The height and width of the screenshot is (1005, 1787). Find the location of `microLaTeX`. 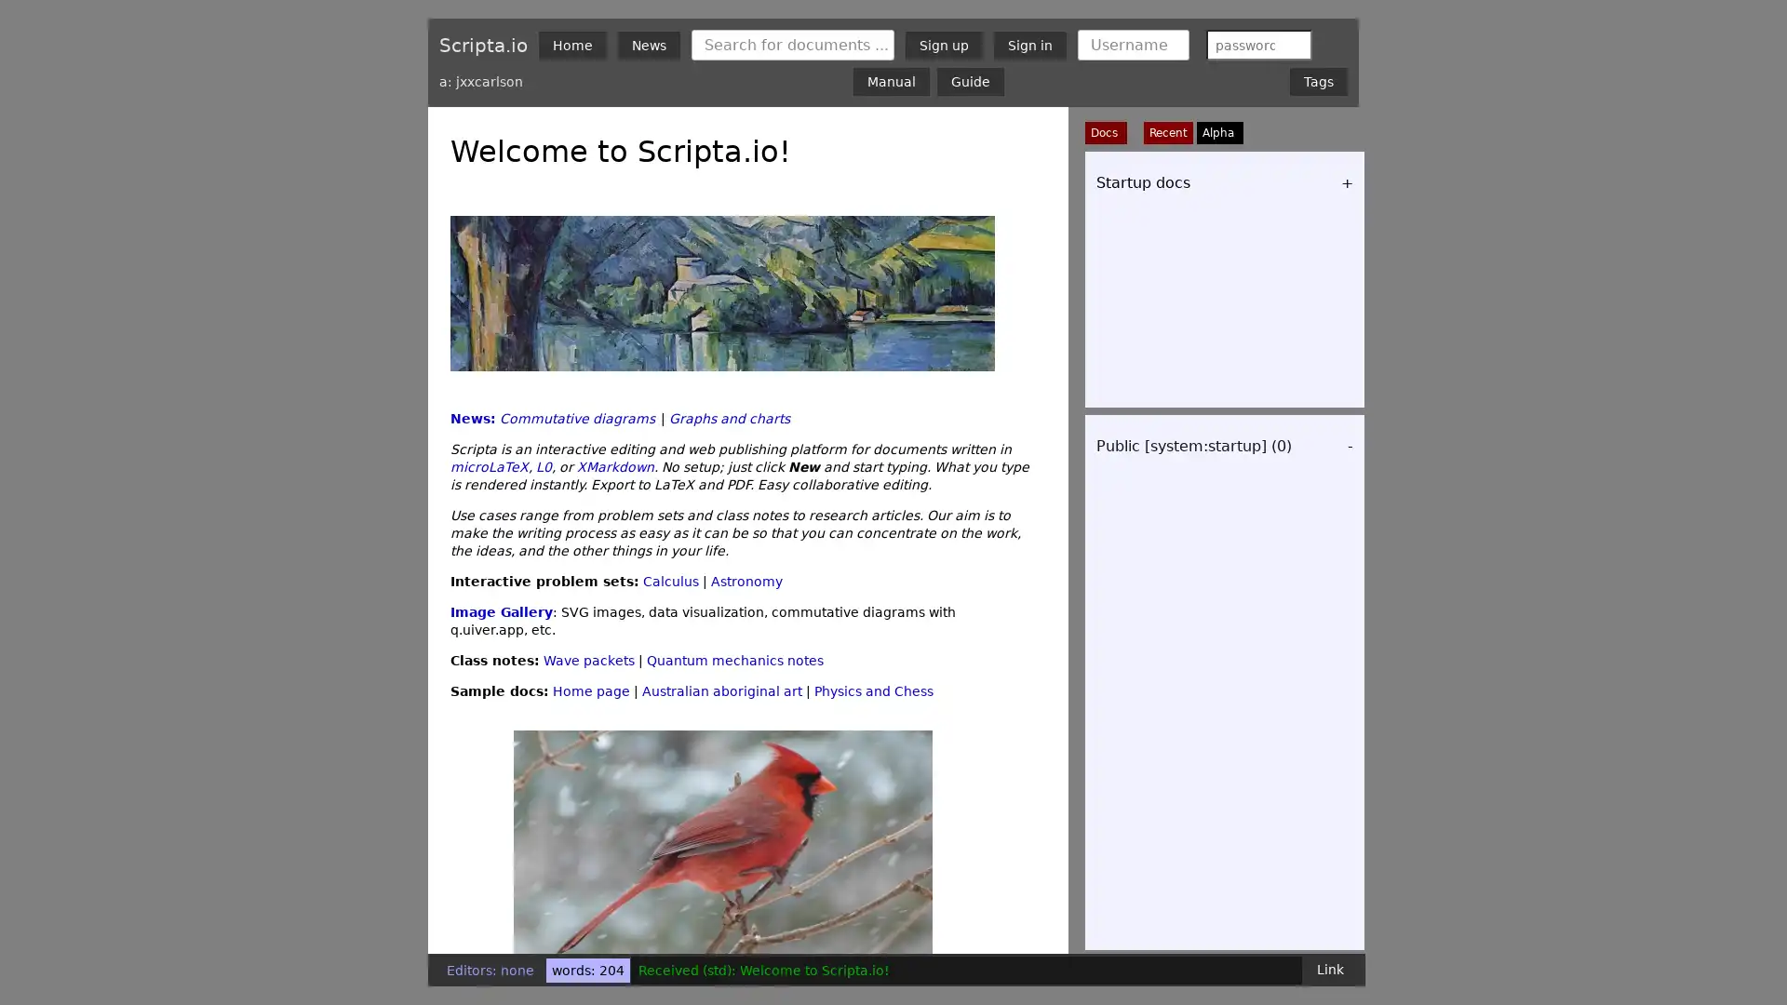

microLaTeX is located at coordinates (490, 465).